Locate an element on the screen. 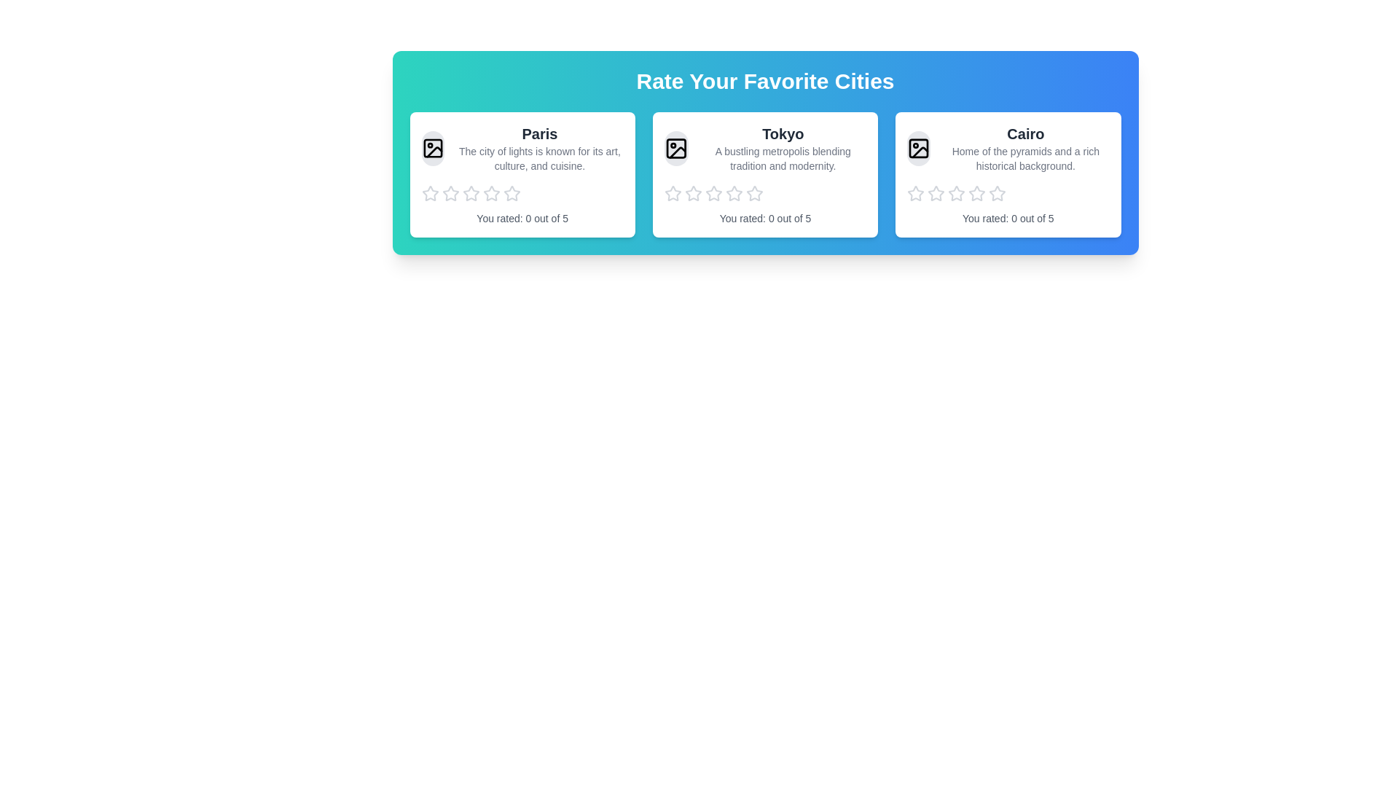 This screenshot has height=787, width=1399. the fourth star-shaped interactive icon in the 'Cairo' panel is located at coordinates (997, 192).